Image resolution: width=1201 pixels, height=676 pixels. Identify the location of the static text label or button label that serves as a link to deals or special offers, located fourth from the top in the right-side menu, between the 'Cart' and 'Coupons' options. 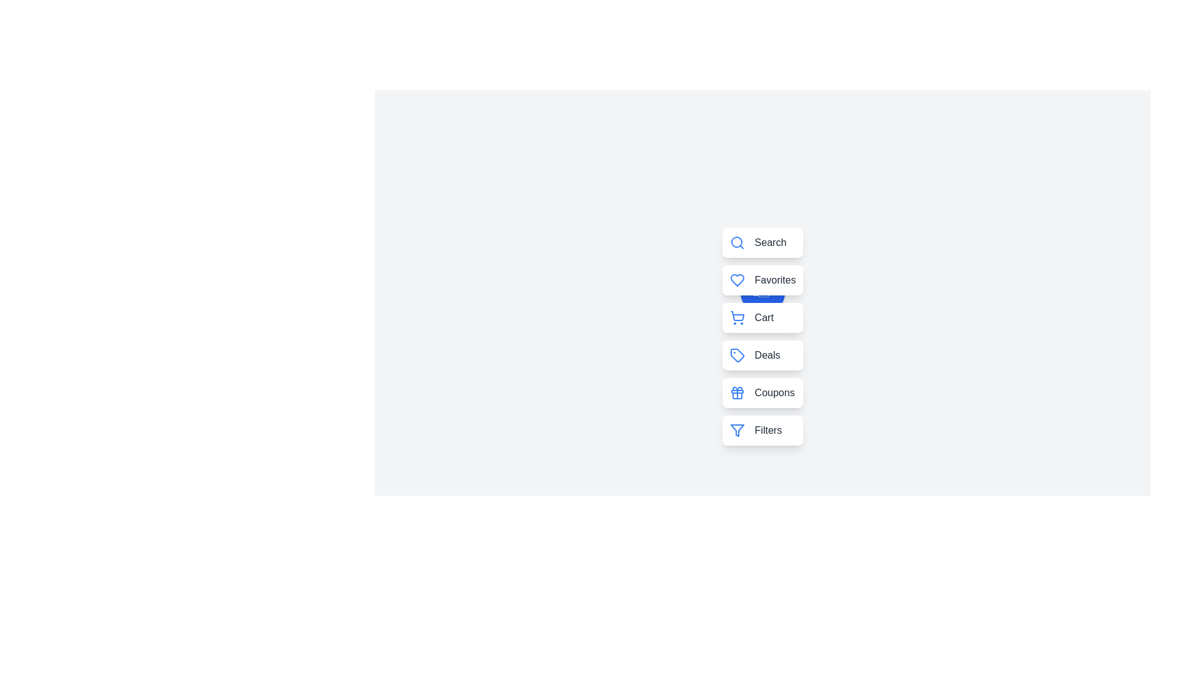
(767, 355).